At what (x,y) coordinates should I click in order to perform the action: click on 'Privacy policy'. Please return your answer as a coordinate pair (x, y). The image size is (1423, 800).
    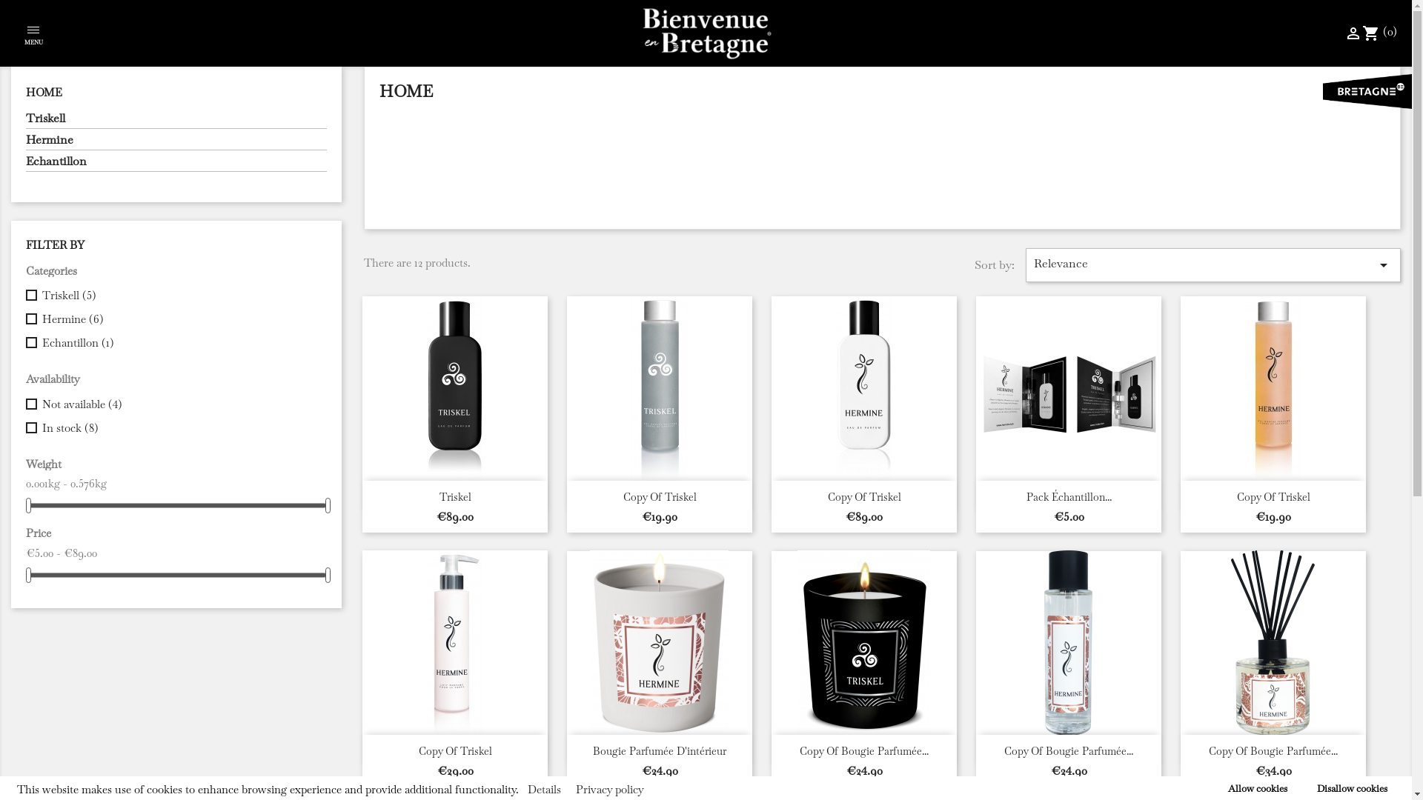
    Looking at the image, I should click on (609, 788).